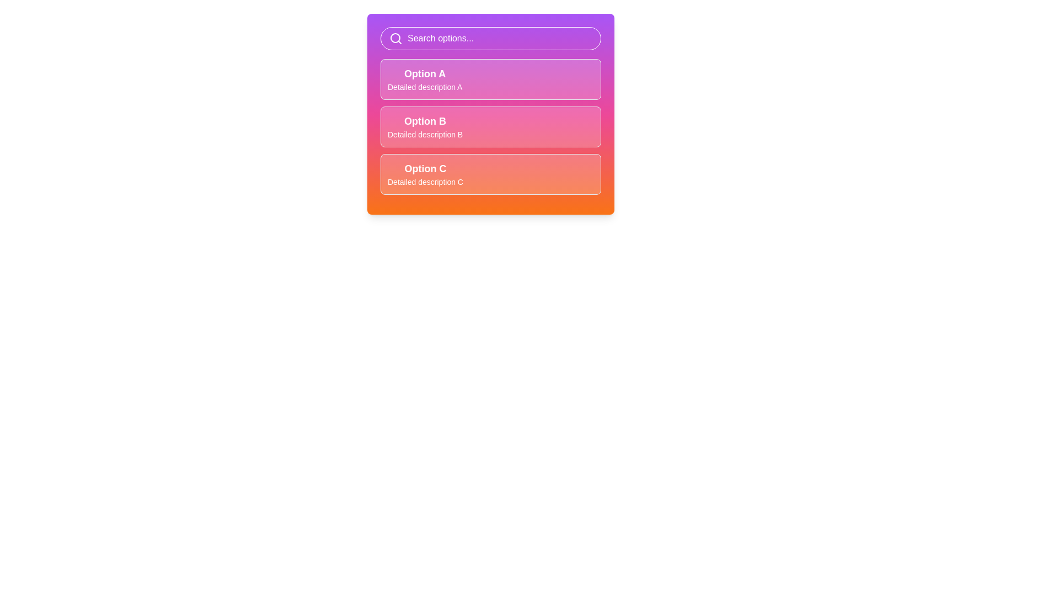  Describe the element at coordinates (425, 174) in the screenshot. I see `the text block labeled 'Option C' which features a bold heading and a smaller descriptive text, located at the bottom of the third card in a vertical list of options` at that location.